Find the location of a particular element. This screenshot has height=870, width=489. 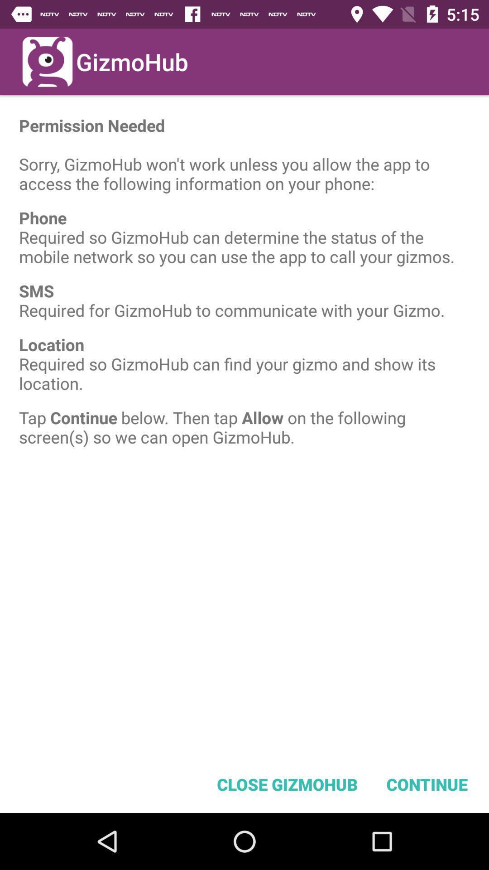

icon to the left of continue icon is located at coordinates (287, 784).